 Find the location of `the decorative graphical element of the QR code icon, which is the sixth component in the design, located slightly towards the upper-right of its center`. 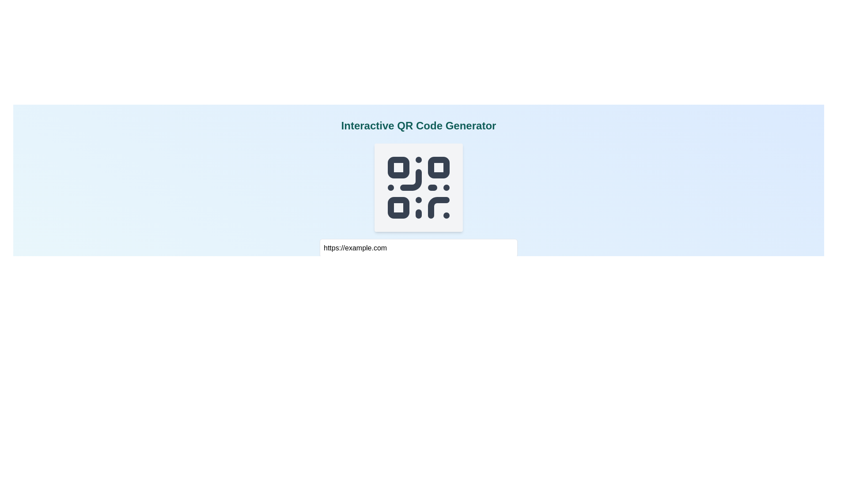

the decorative graphical element of the QR code icon, which is the sixth component in the design, located slightly towards the upper-right of its center is located at coordinates (410, 179).